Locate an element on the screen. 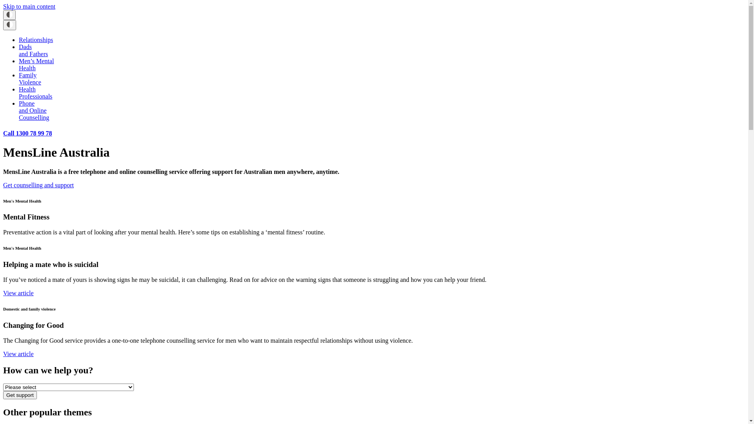 Image resolution: width=754 pixels, height=424 pixels. 'Toggle High Contrast icon' is located at coordinates (3, 15).